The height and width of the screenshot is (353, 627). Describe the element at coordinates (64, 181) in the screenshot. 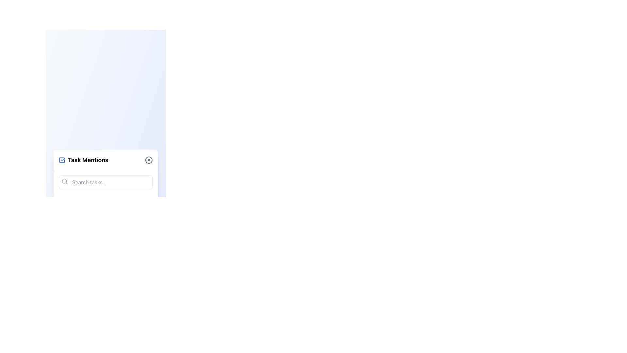

I see `the SVG circle element that represents the lens portion of the magnifying glass in the search icon located at the top-left of the 'Search tasks...' input box` at that location.